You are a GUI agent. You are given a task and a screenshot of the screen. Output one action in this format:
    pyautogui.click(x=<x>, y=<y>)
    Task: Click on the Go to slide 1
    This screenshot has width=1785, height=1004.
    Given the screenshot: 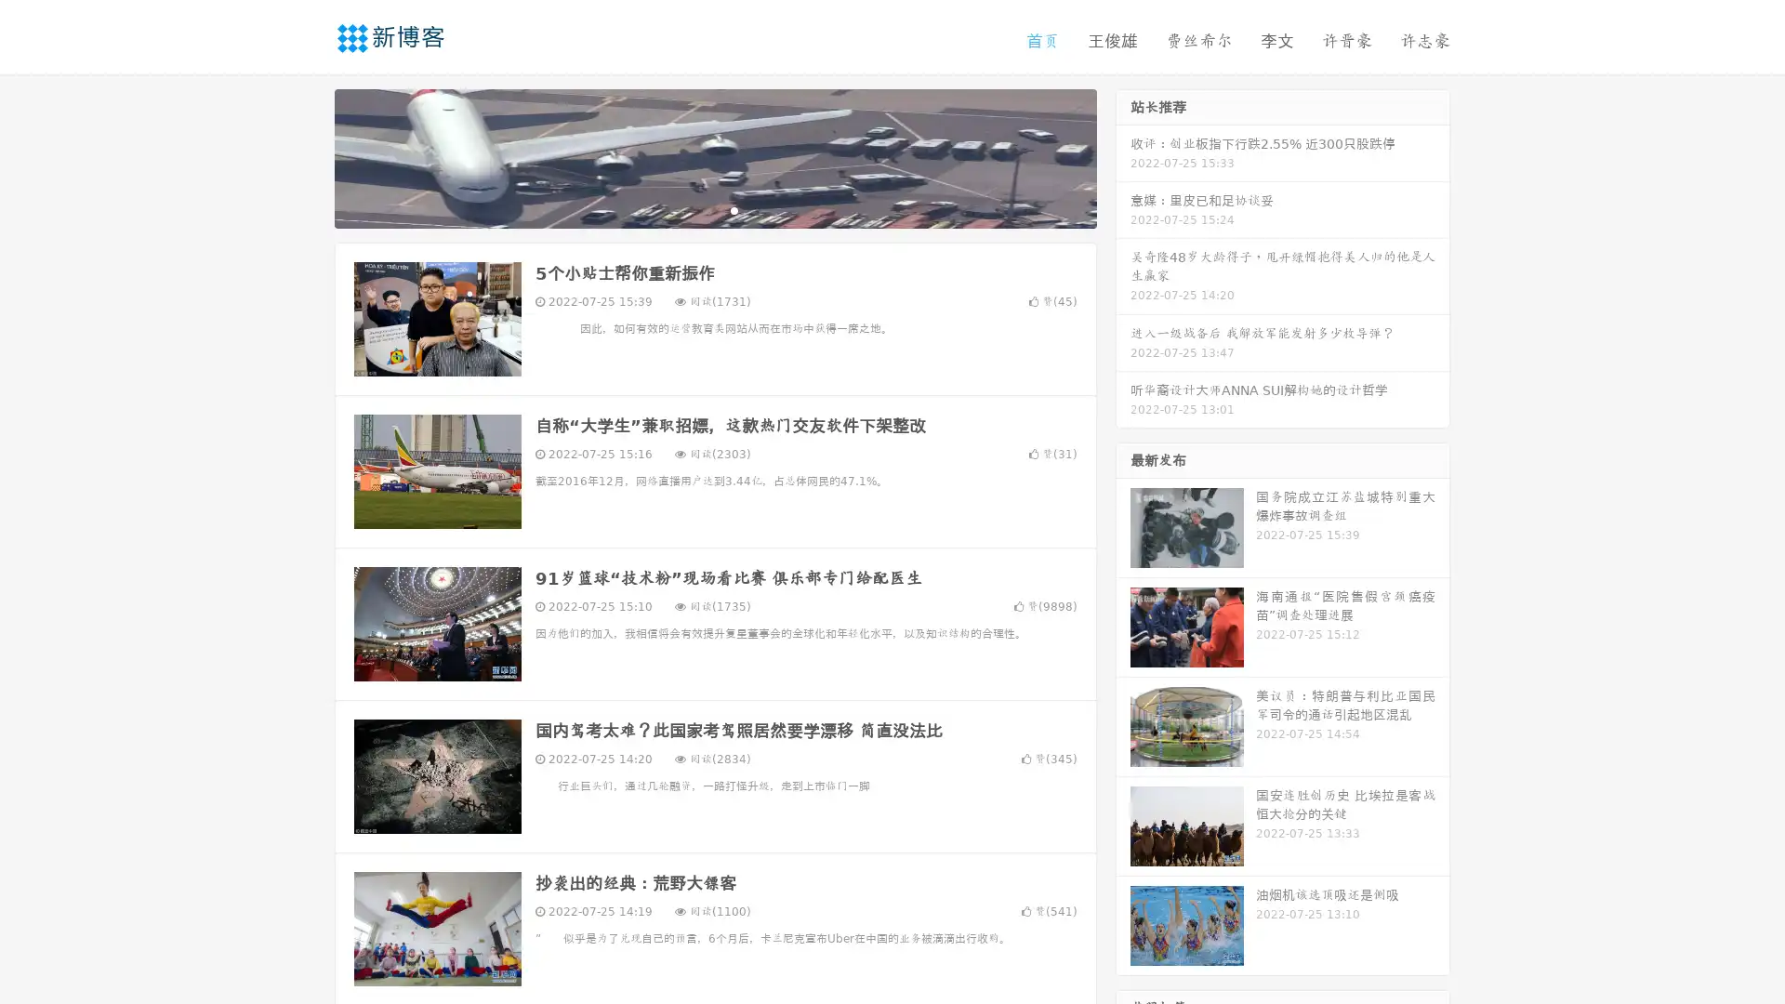 What is the action you would take?
    pyautogui.click(x=695, y=209)
    